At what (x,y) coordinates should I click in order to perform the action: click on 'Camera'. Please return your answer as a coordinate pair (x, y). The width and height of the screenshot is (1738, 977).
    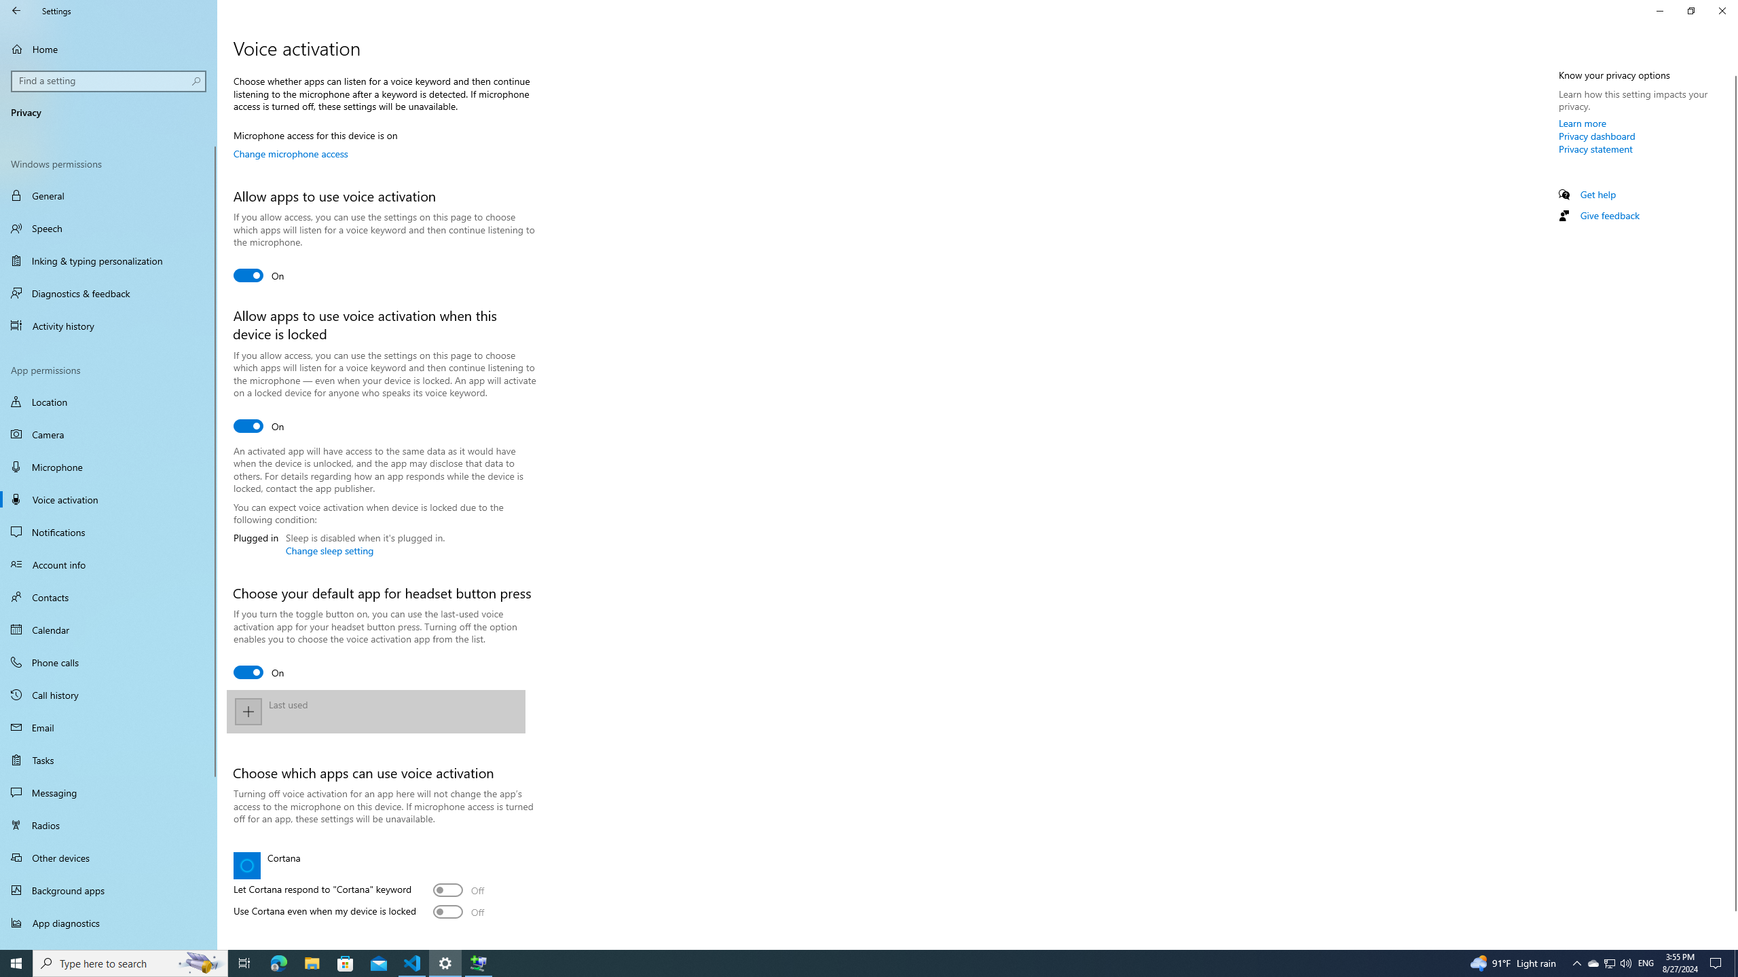
    Looking at the image, I should click on (108, 434).